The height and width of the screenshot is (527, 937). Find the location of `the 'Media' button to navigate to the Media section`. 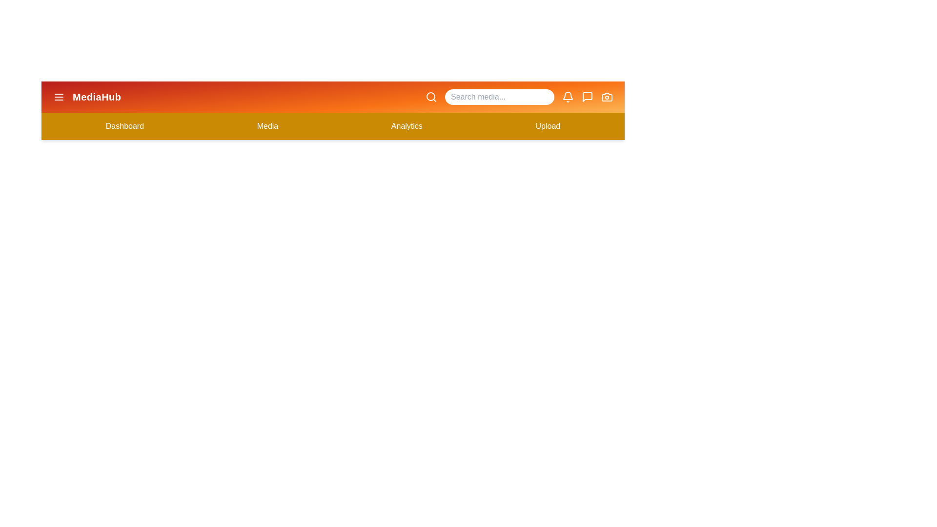

the 'Media' button to navigate to the Media section is located at coordinates (267, 125).